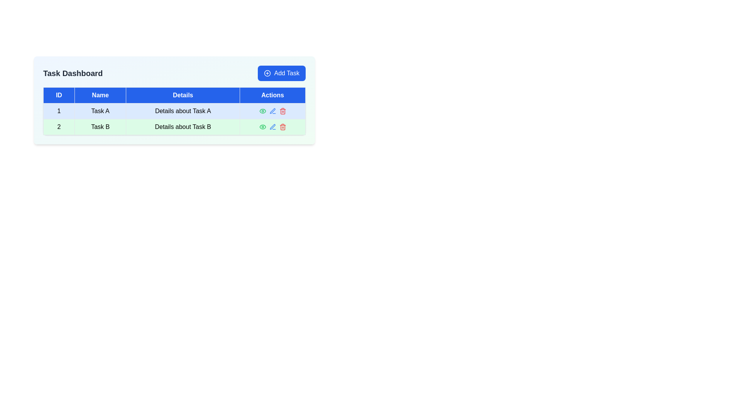  Describe the element at coordinates (272, 111) in the screenshot. I see `the Icon group containing three interactive icons for 'Task A' in the Actions column through keyboard navigation` at that location.